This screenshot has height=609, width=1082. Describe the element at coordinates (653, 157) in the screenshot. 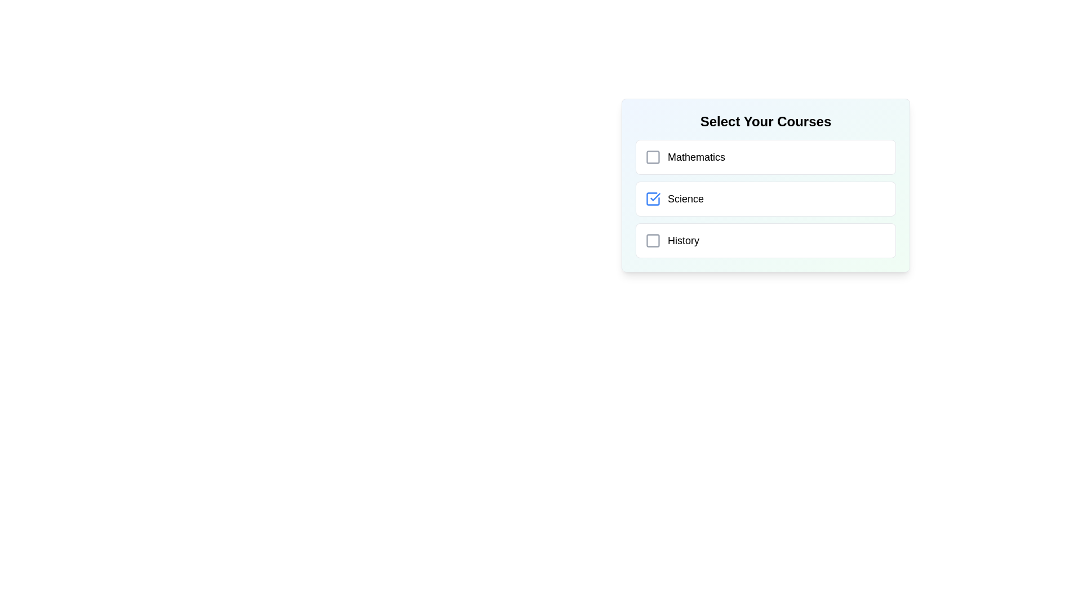

I see `the checkbox for the 'Mathematics' course` at that location.